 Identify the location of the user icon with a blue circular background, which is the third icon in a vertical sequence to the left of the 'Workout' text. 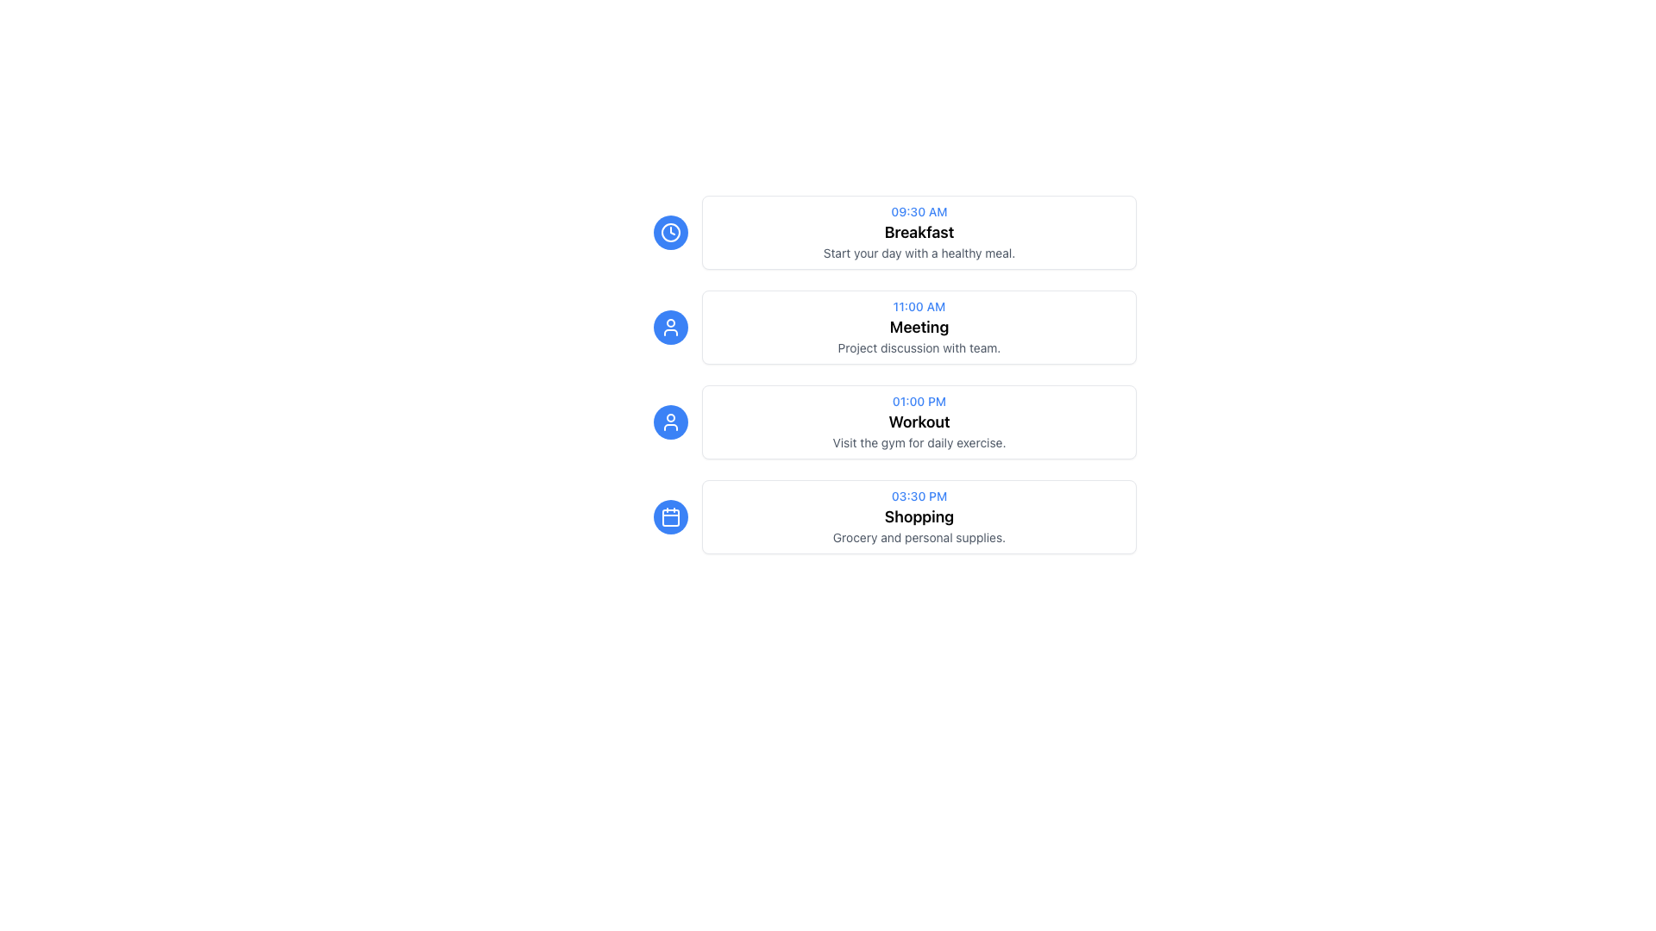
(669, 328).